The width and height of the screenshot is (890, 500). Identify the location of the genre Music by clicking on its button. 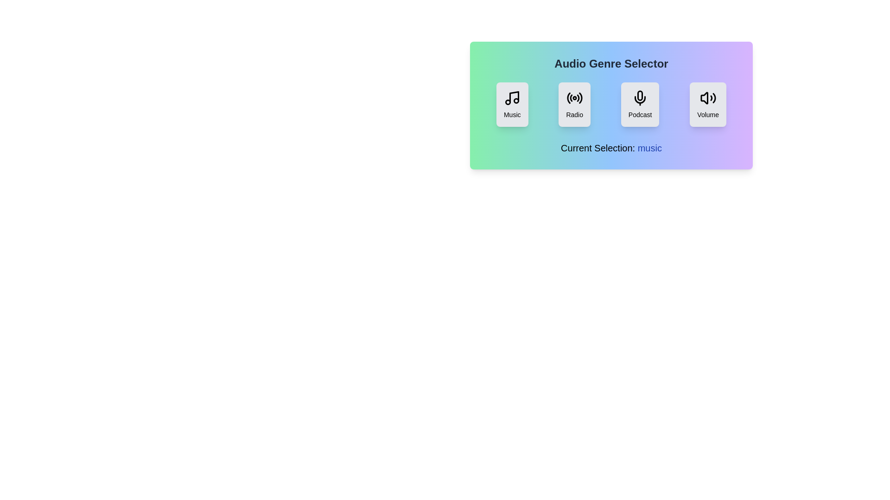
(511, 104).